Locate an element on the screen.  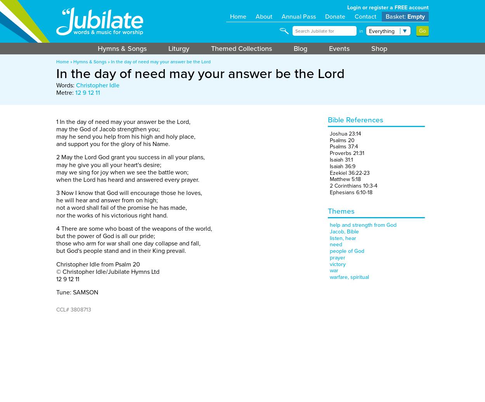
'Themed Collections' is located at coordinates (241, 49).